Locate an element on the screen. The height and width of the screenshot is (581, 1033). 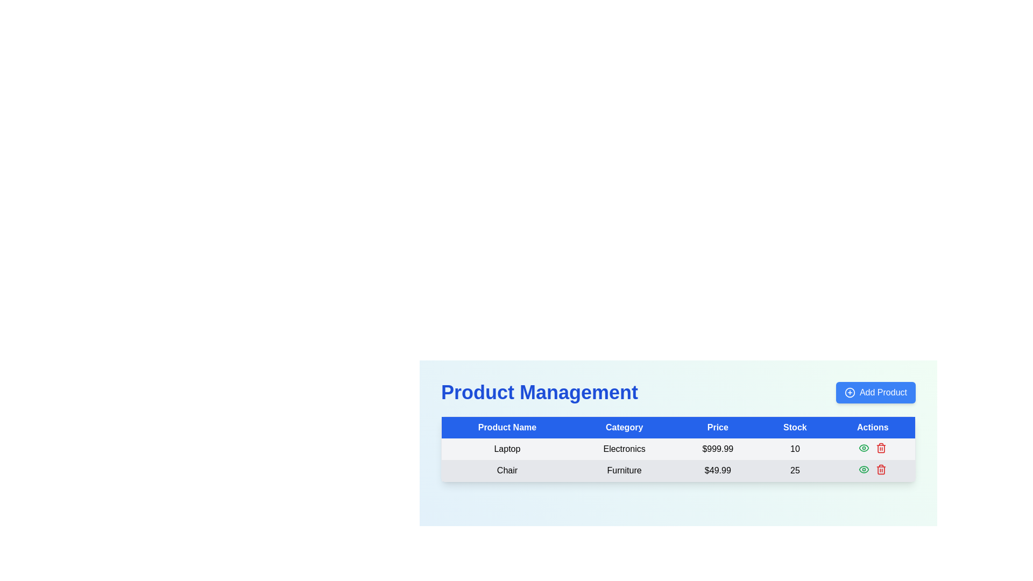
the circular SVG icon located in the top-right corner of the 'Product Management' interface to trigger tooltips or visual feedback is located at coordinates (849, 392).